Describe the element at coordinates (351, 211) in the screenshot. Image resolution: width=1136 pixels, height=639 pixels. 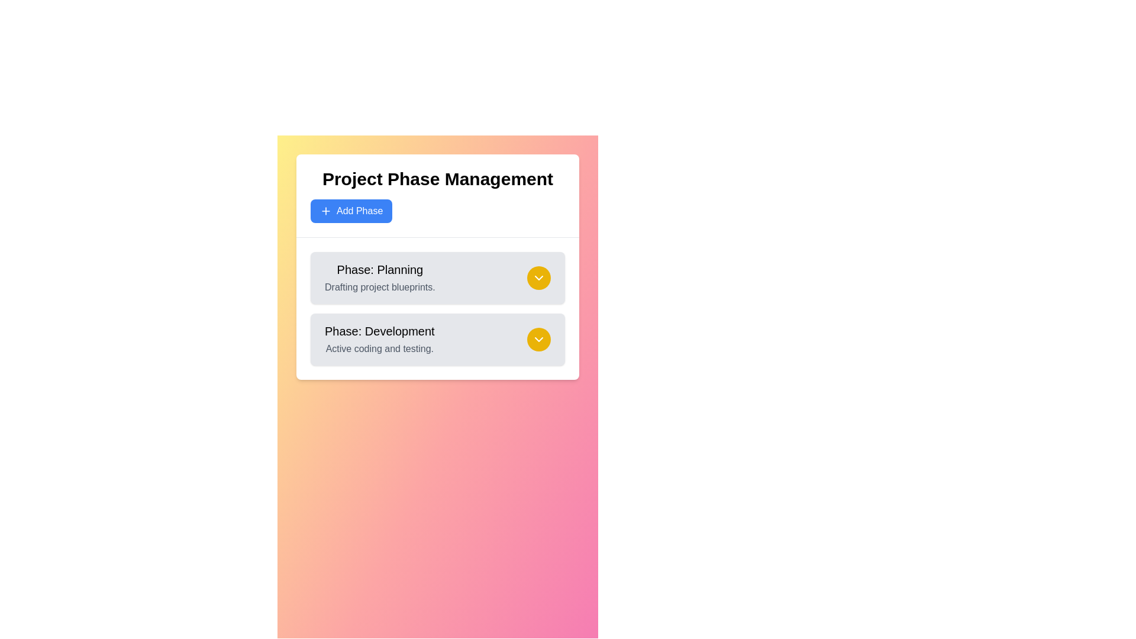
I see `the rectangular button with a blue background labeled 'Add Phase'` at that location.